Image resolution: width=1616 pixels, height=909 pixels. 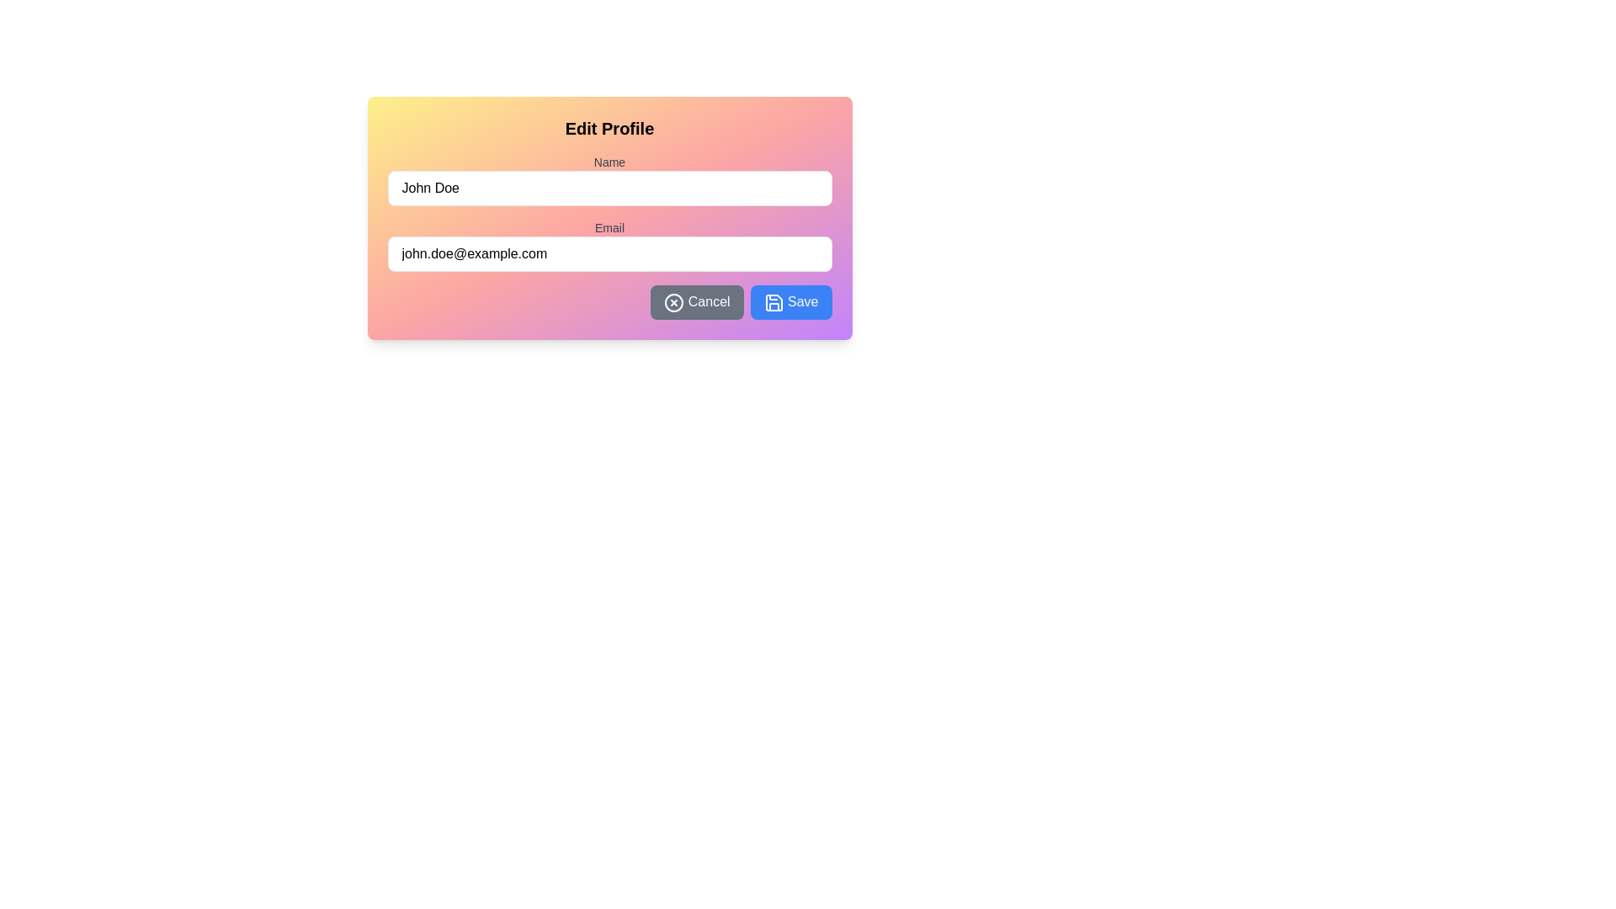 What do you see at coordinates (674, 301) in the screenshot?
I see `the decorative icon` at bounding box center [674, 301].